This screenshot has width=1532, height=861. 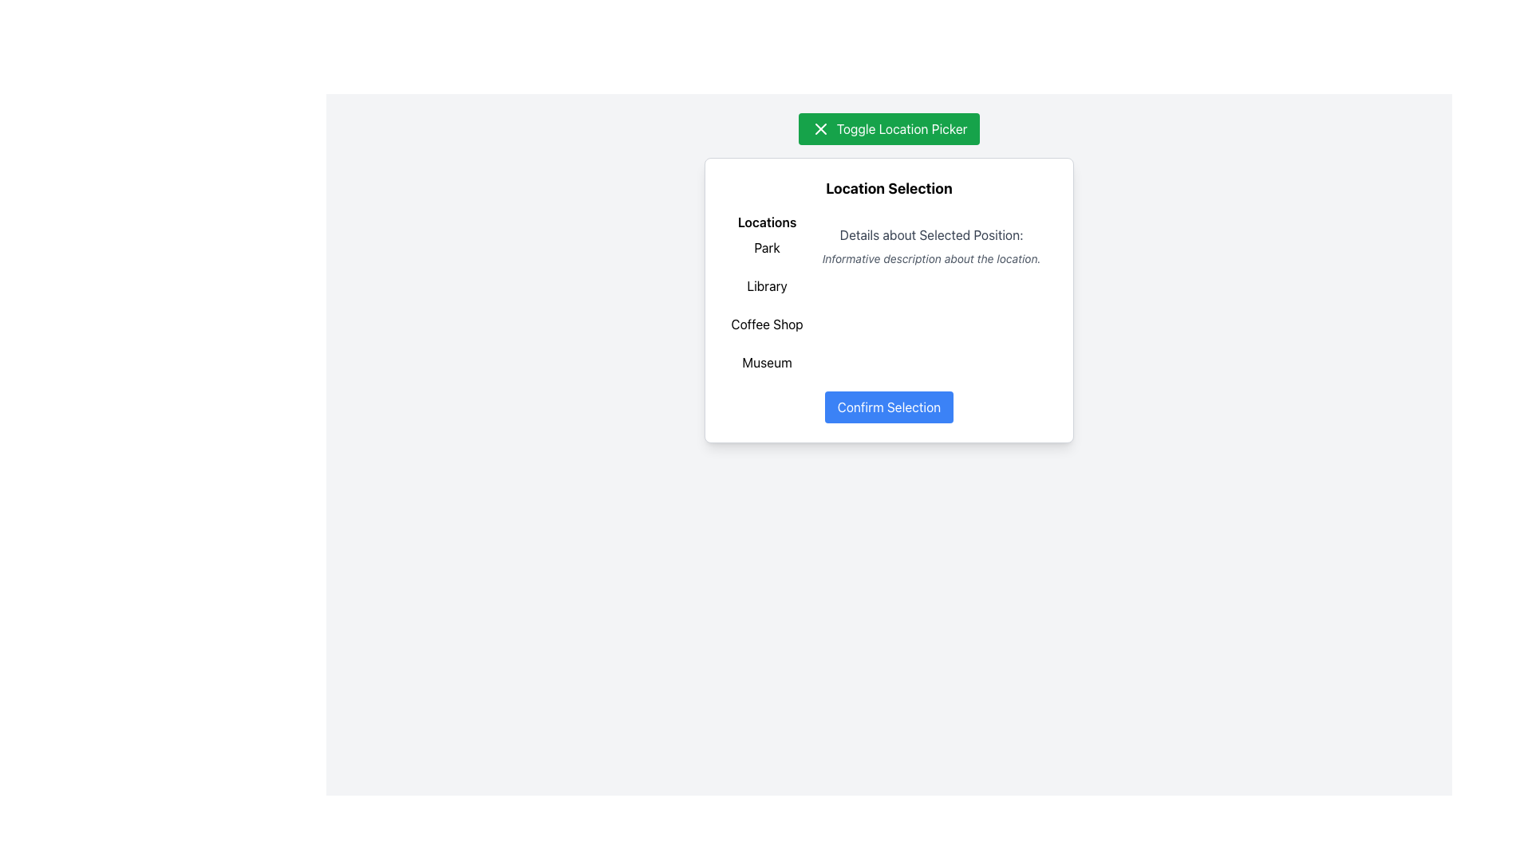 What do you see at coordinates (767, 248) in the screenshot?
I see `the first item in the location selector list` at bounding box center [767, 248].